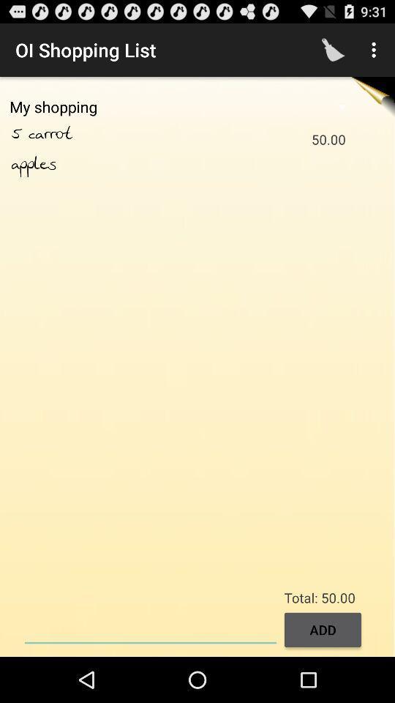  What do you see at coordinates (150, 628) in the screenshot?
I see `new items` at bounding box center [150, 628].